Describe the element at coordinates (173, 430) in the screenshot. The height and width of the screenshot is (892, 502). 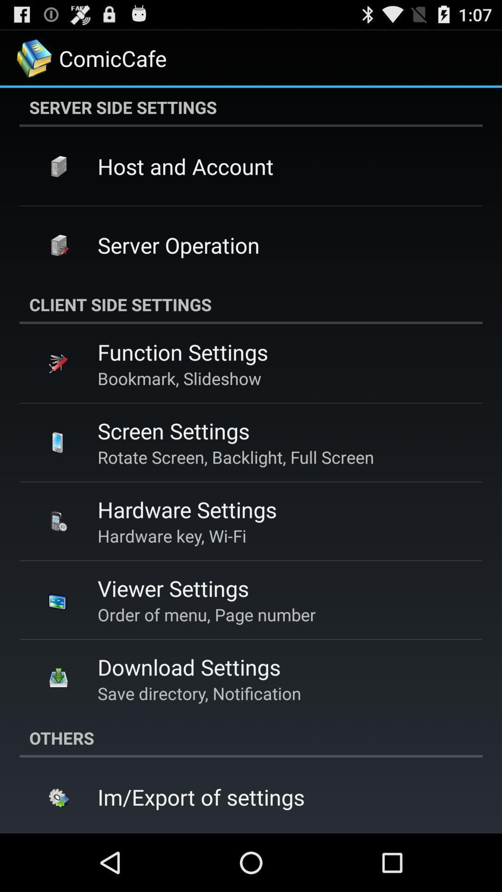
I see `the app above the rotate screen backlight item` at that location.